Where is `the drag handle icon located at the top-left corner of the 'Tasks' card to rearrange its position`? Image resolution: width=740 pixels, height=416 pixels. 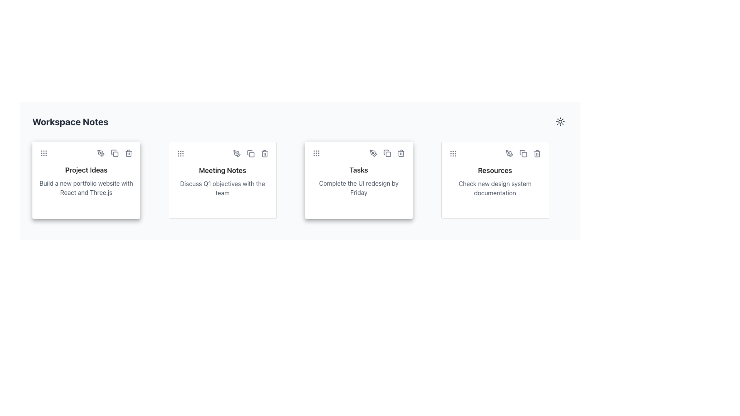 the drag handle icon located at the top-left corner of the 'Tasks' card to rearrange its position is located at coordinates (316, 153).